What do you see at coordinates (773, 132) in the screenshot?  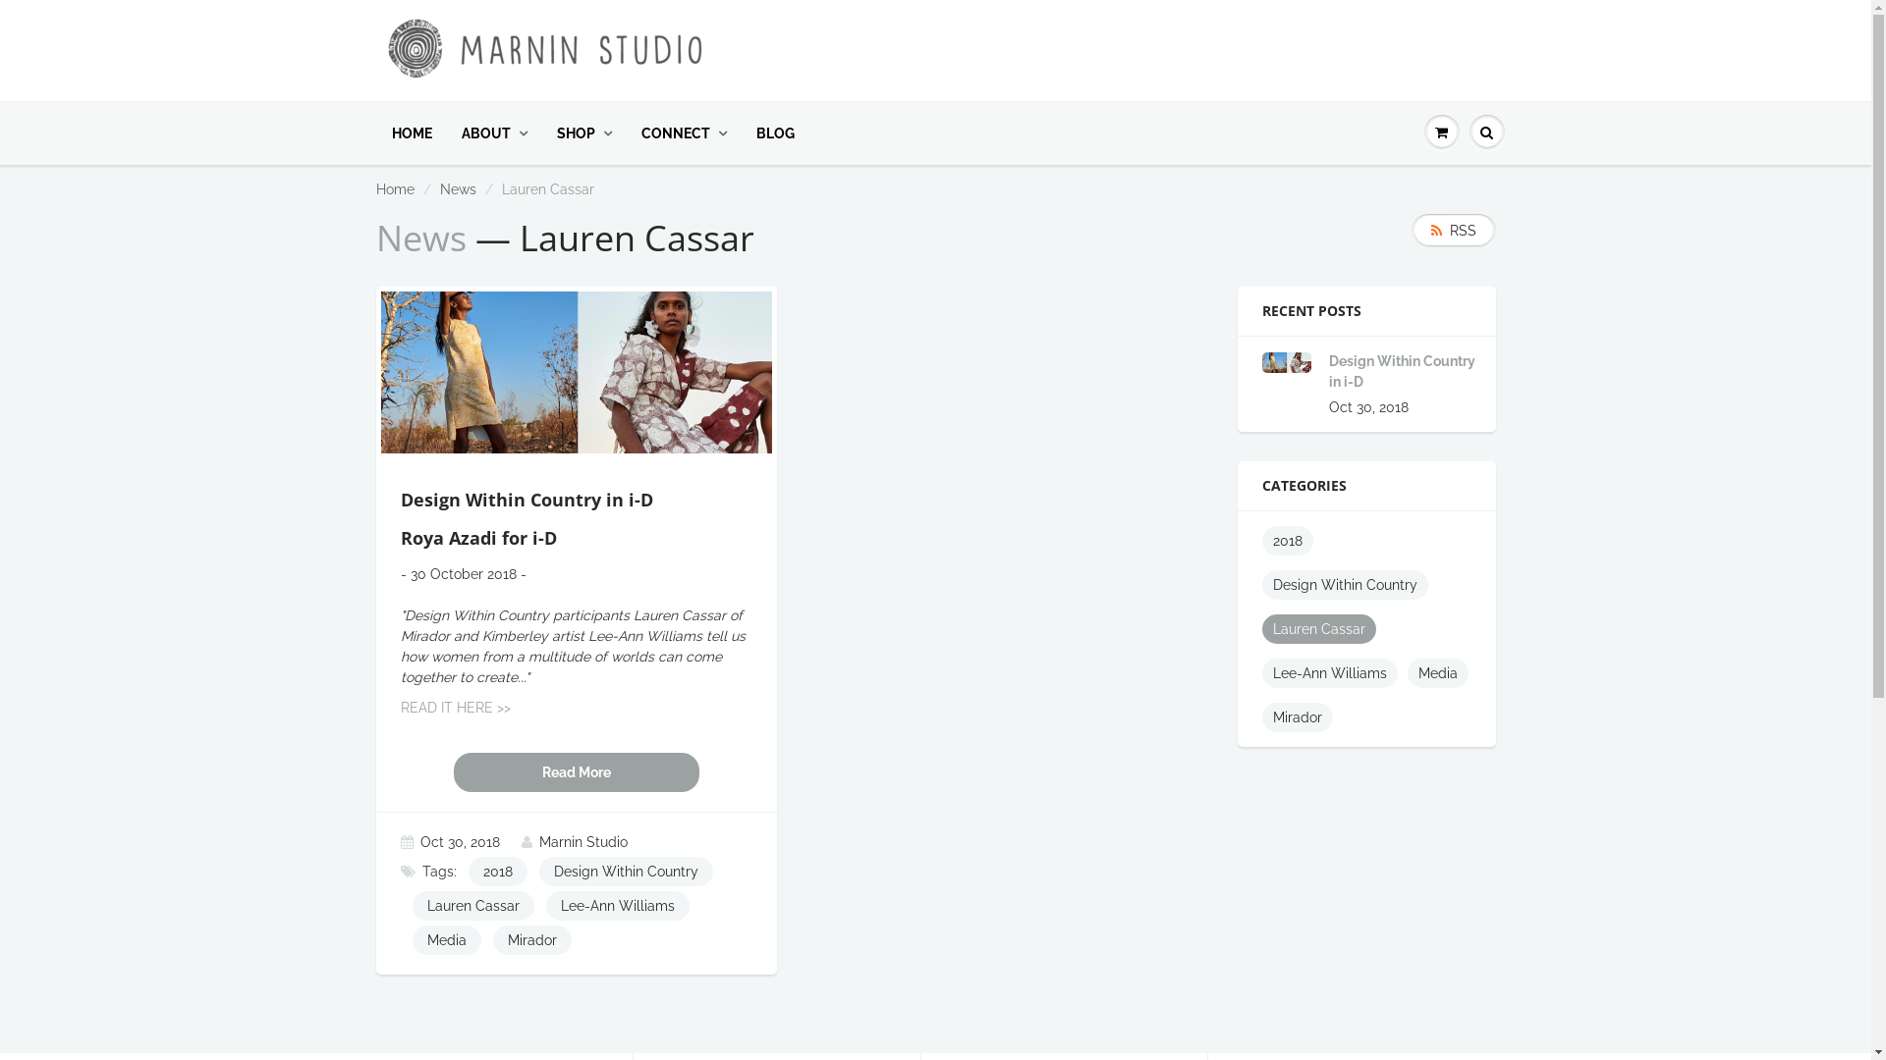 I see `'BLOG'` at bounding box center [773, 132].